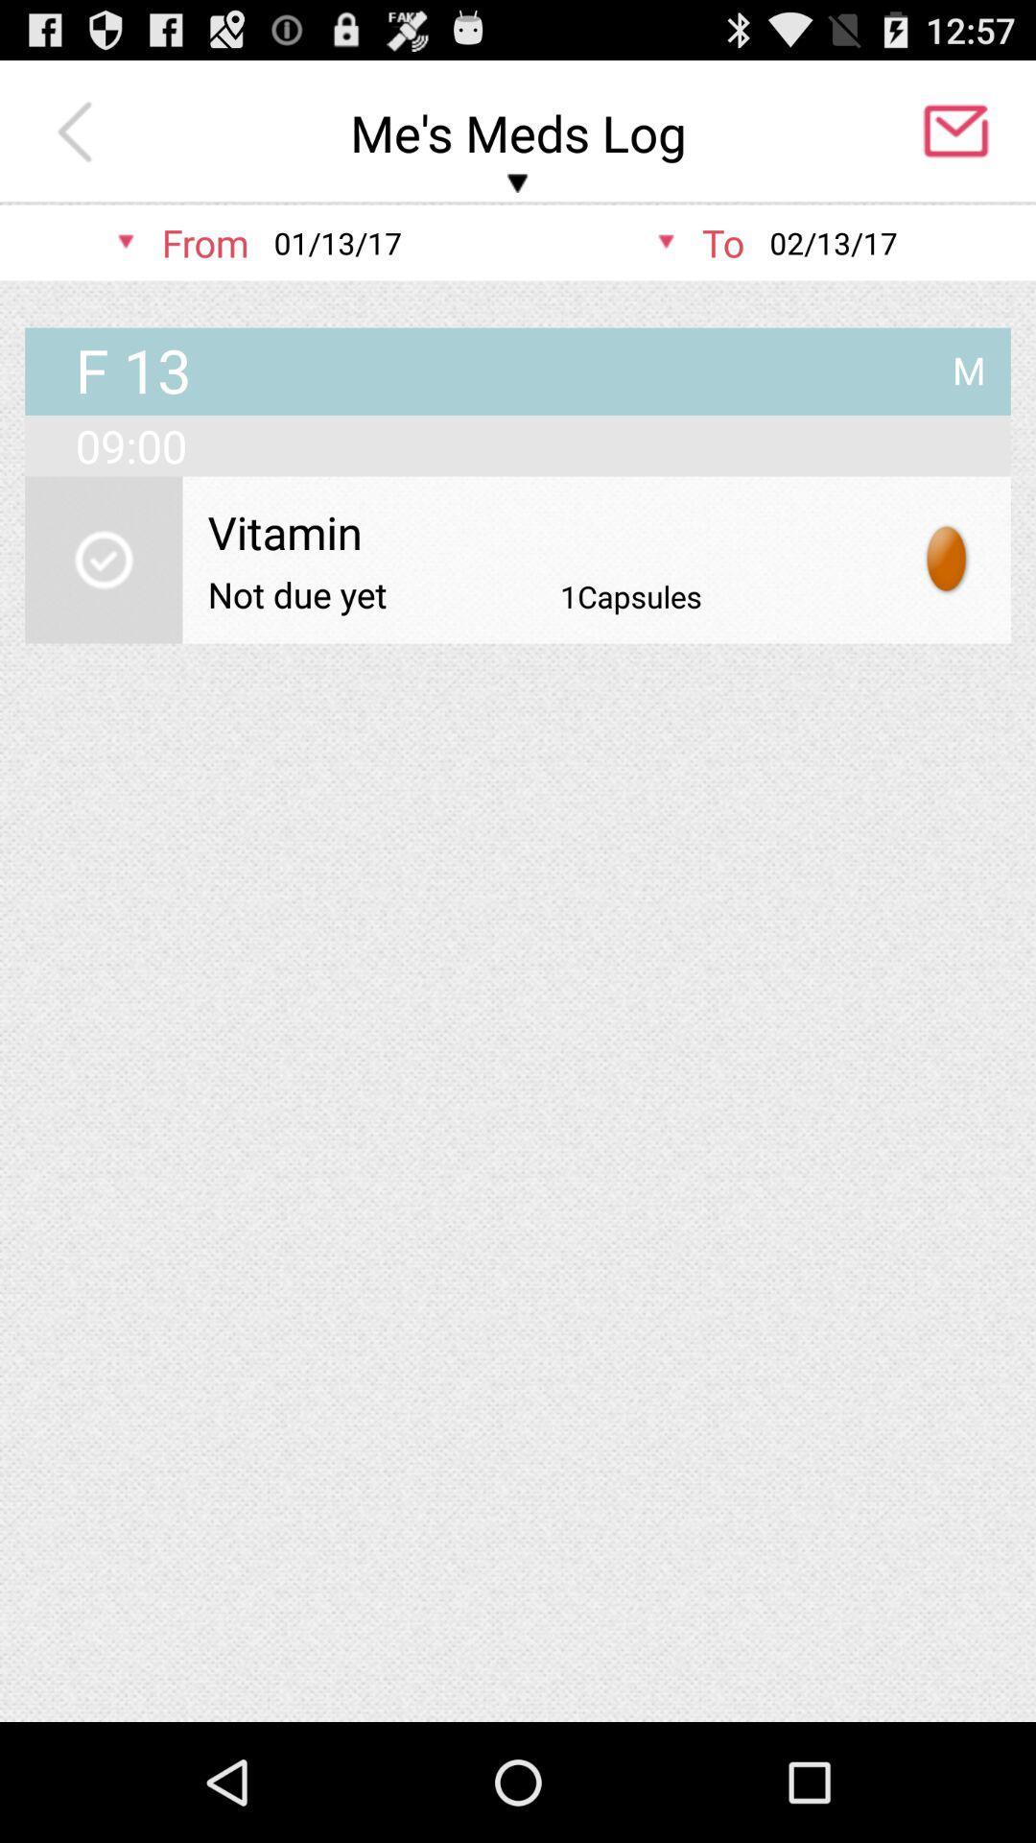 This screenshot has height=1843, width=1036. I want to click on the f 13, so click(132, 372).